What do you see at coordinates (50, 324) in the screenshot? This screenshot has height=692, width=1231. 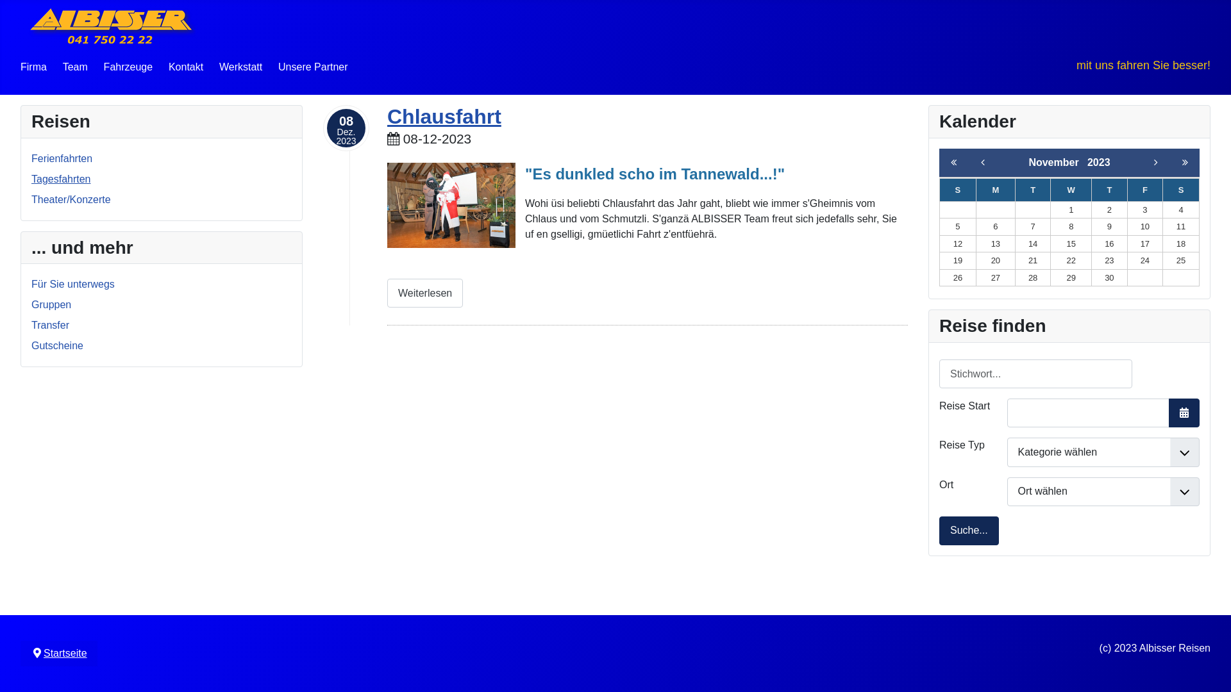 I see `'Transfer'` at bounding box center [50, 324].